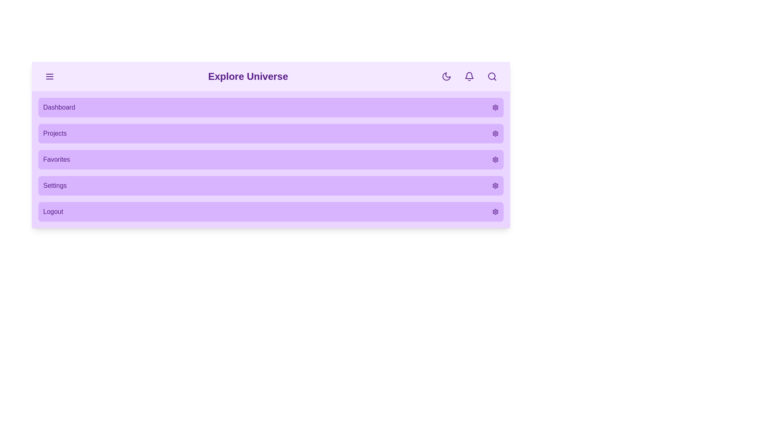  I want to click on the menu toggle button to change the menu's visibility state, so click(49, 77).